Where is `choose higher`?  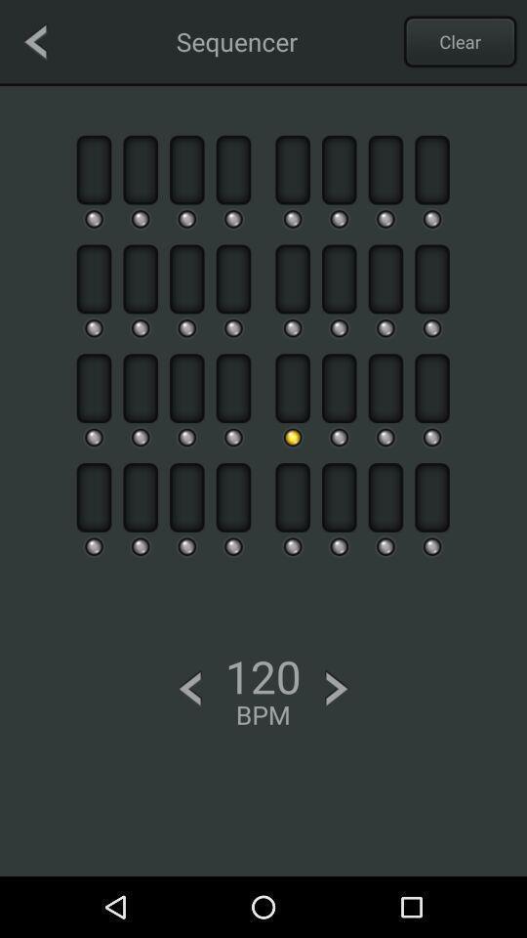 choose higher is located at coordinates (336, 689).